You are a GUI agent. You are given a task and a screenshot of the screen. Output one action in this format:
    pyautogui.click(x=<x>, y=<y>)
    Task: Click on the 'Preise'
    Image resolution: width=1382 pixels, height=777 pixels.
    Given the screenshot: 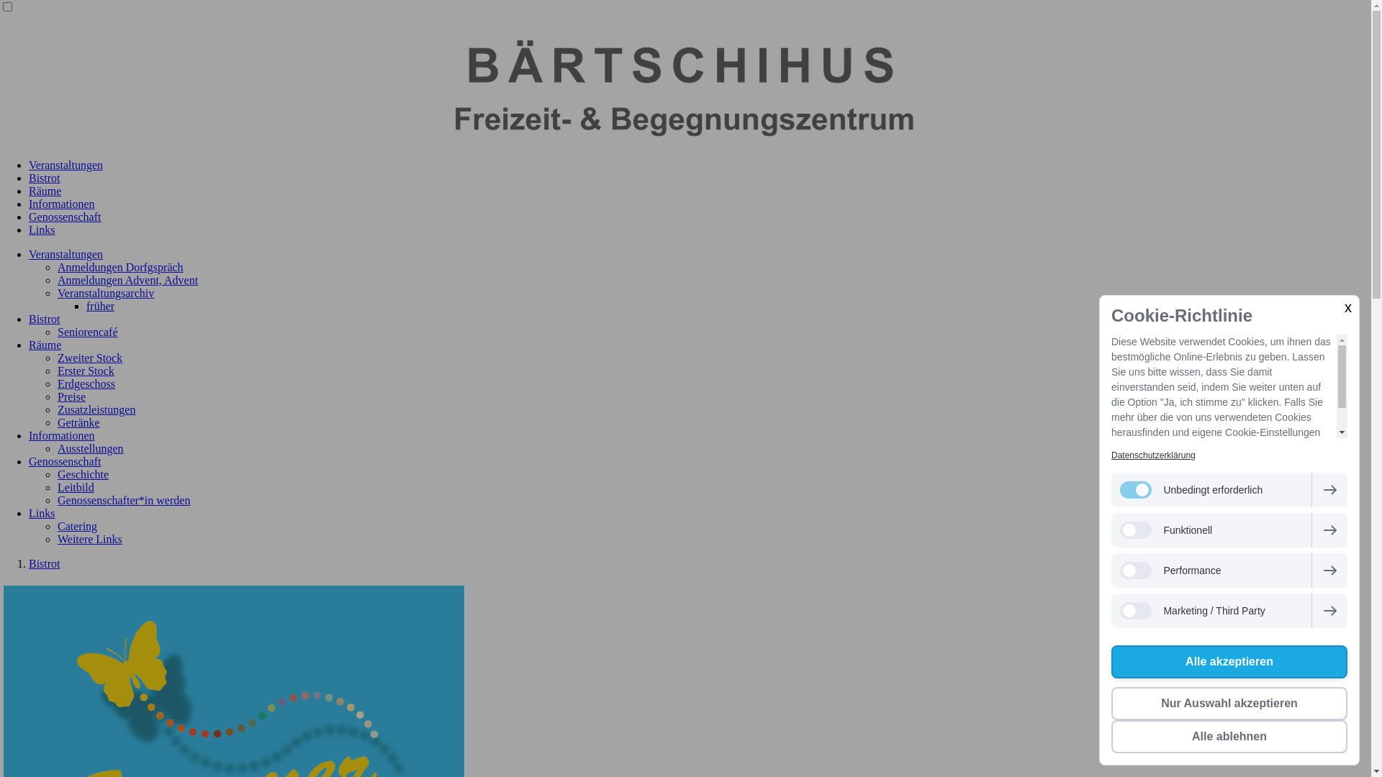 What is the action you would take?
    pyautogui.click(x=71, y=396)
    